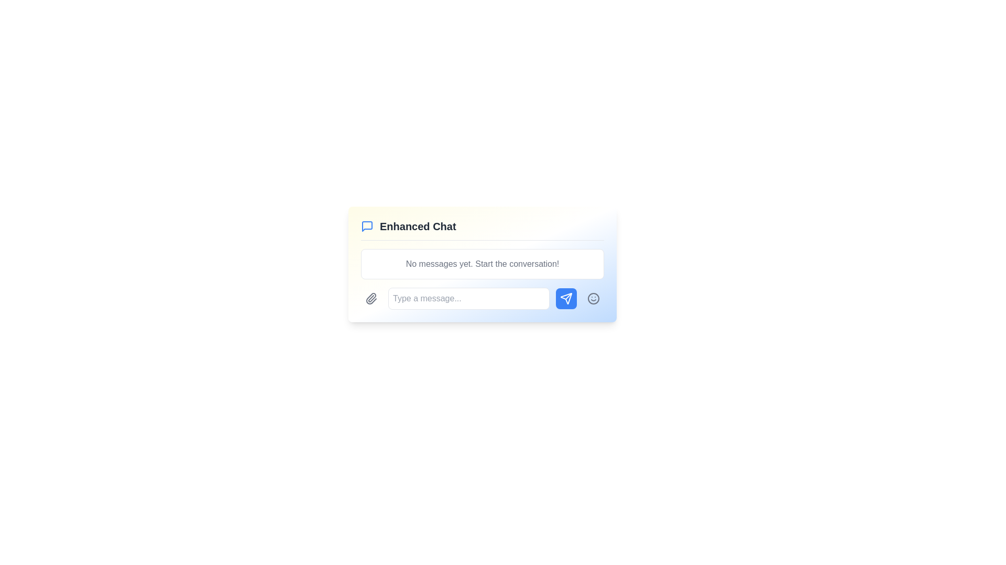 The height and width of the screenshot is (565, 1006). I want to click on the button containing a triangular outline icon resembling a paper airplane and activate it, so click(565, 298).